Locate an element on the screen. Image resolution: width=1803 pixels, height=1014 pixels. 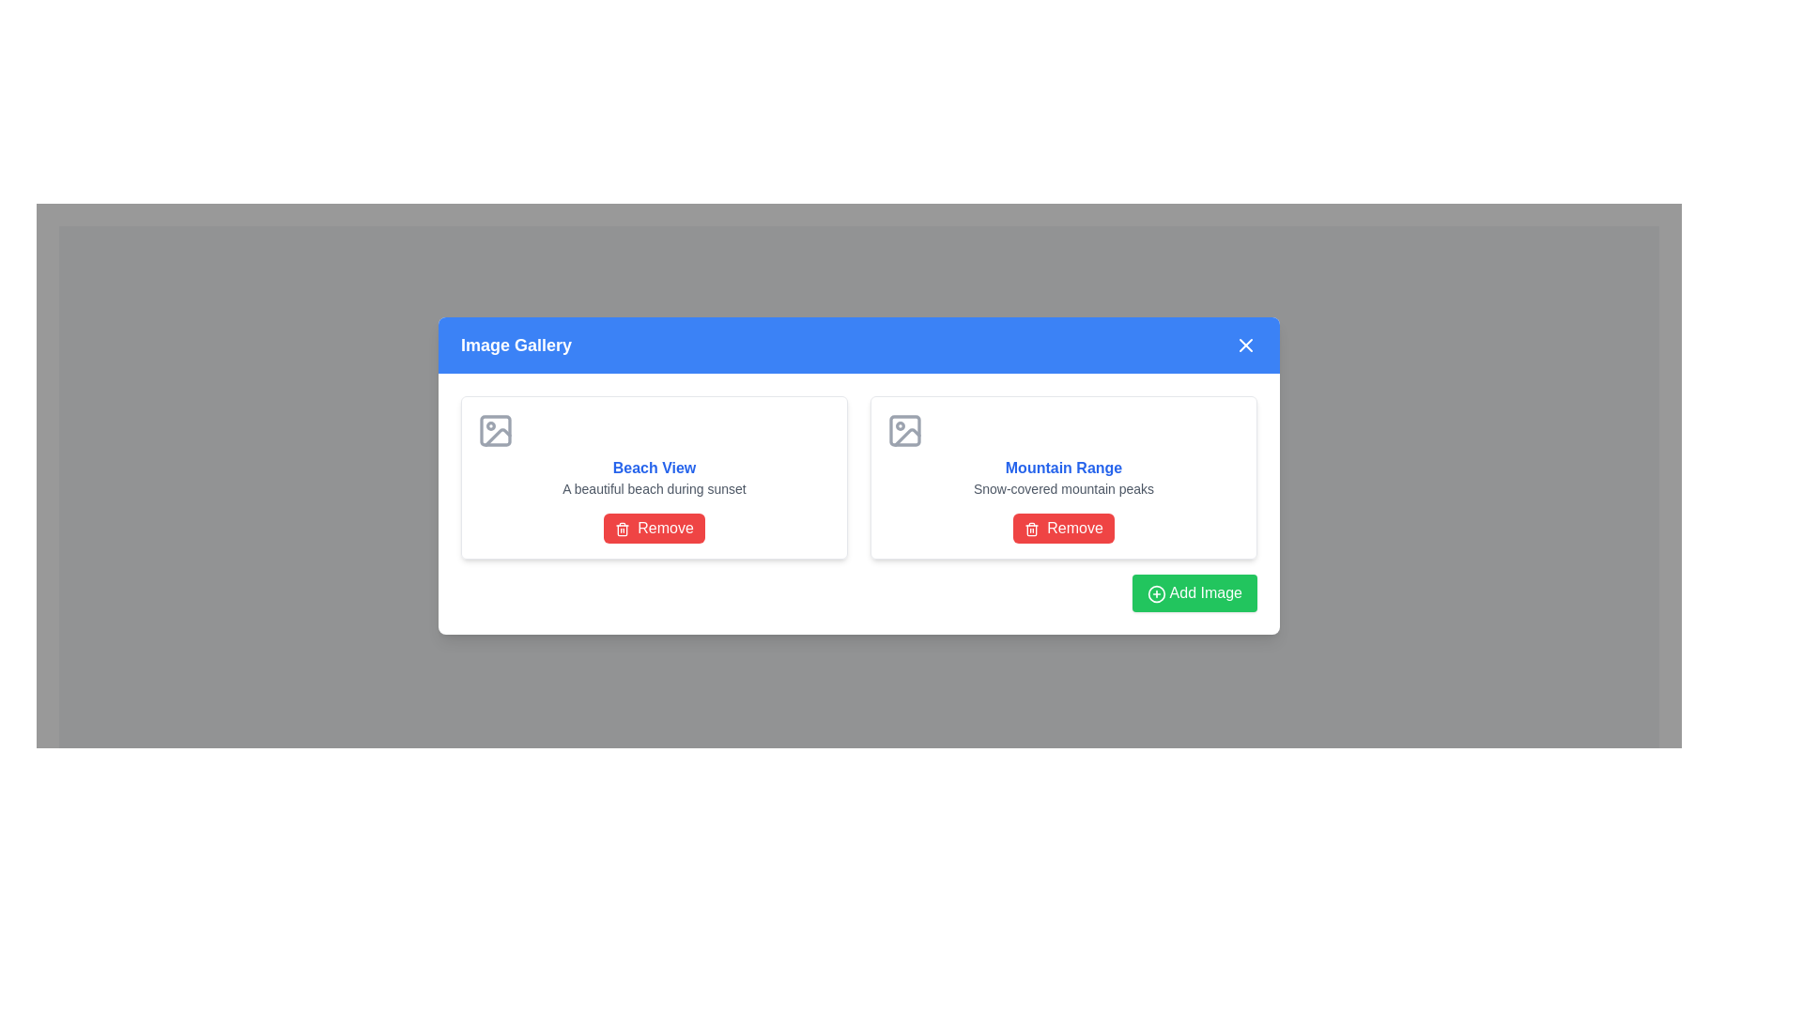
the 'Beach View' card component for interaction is located at coordinates (654, 477).